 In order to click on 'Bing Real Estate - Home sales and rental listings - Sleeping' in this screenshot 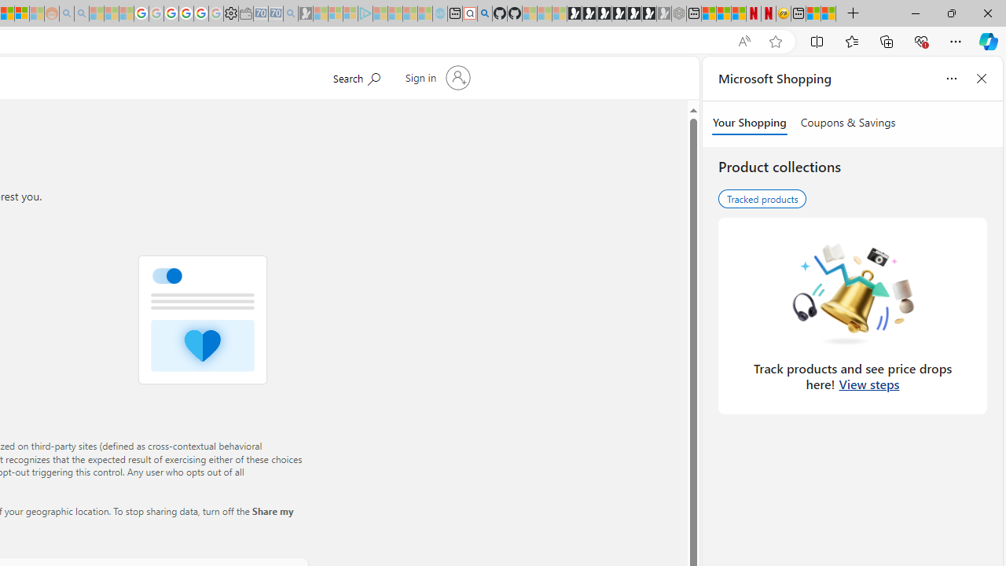, I will do `click(290, 13)`.